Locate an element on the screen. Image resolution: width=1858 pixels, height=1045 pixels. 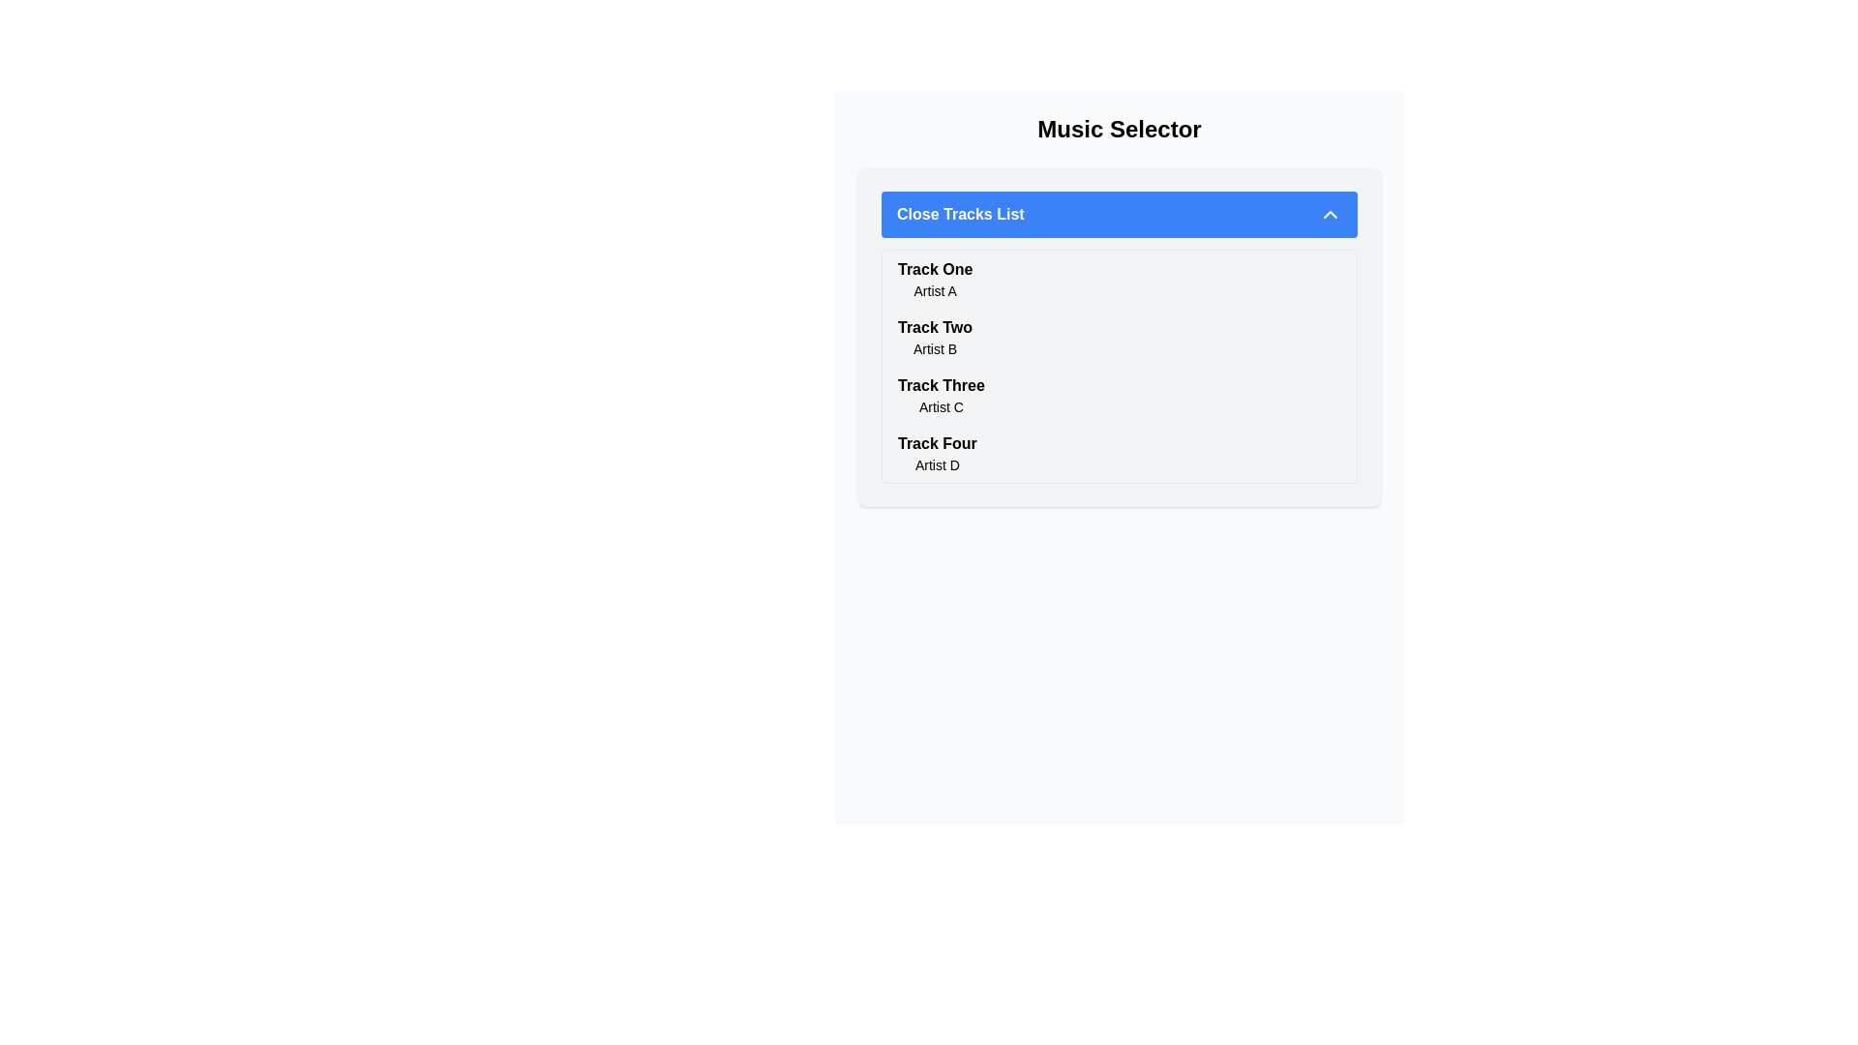
the Text Label displaying the artist name for 'Track One', located beneath the track title, to provide additional information about the artist is located at coordinates (935, 290).